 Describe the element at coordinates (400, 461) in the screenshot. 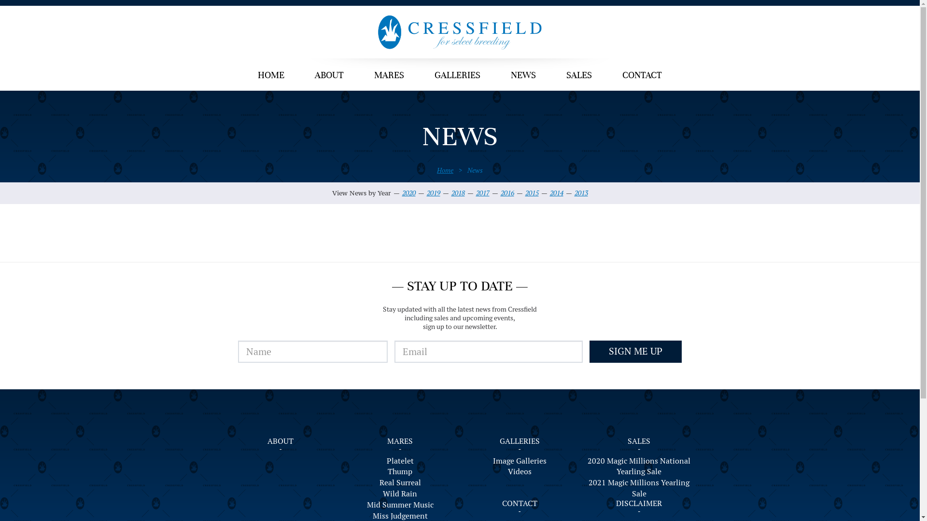

I see `'Platelet'` at that location.